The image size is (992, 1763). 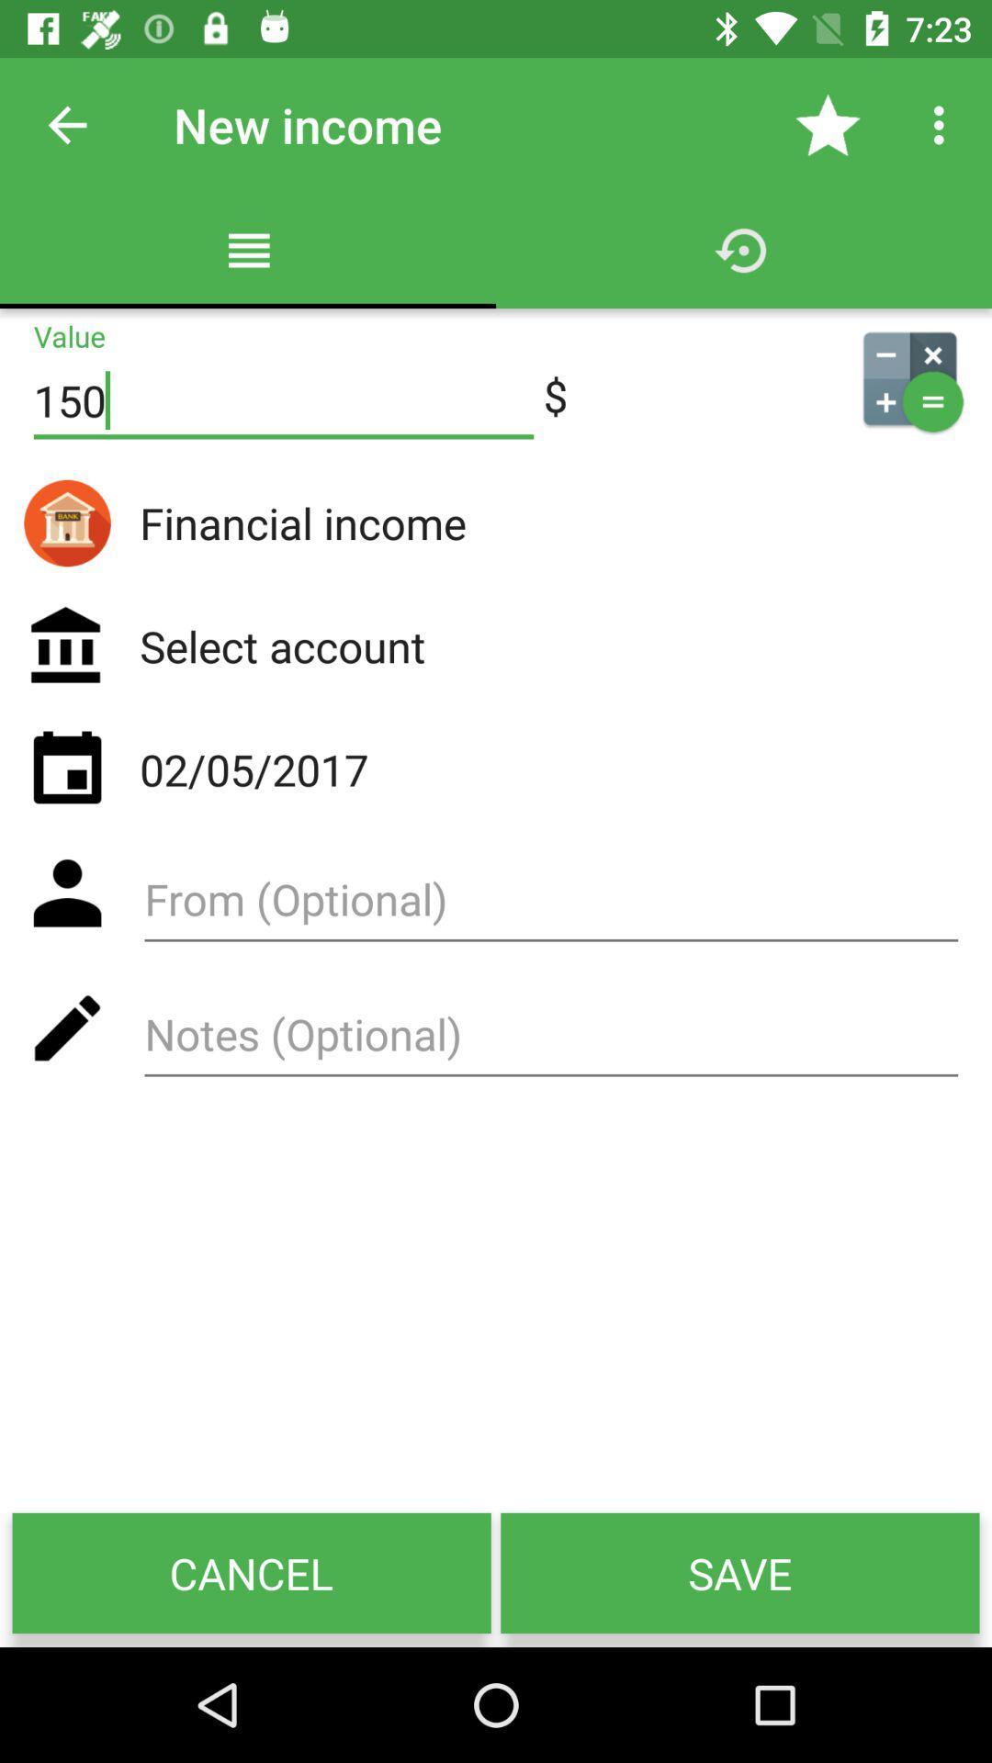 I want to click on open computer, so click(x=909, y=377).